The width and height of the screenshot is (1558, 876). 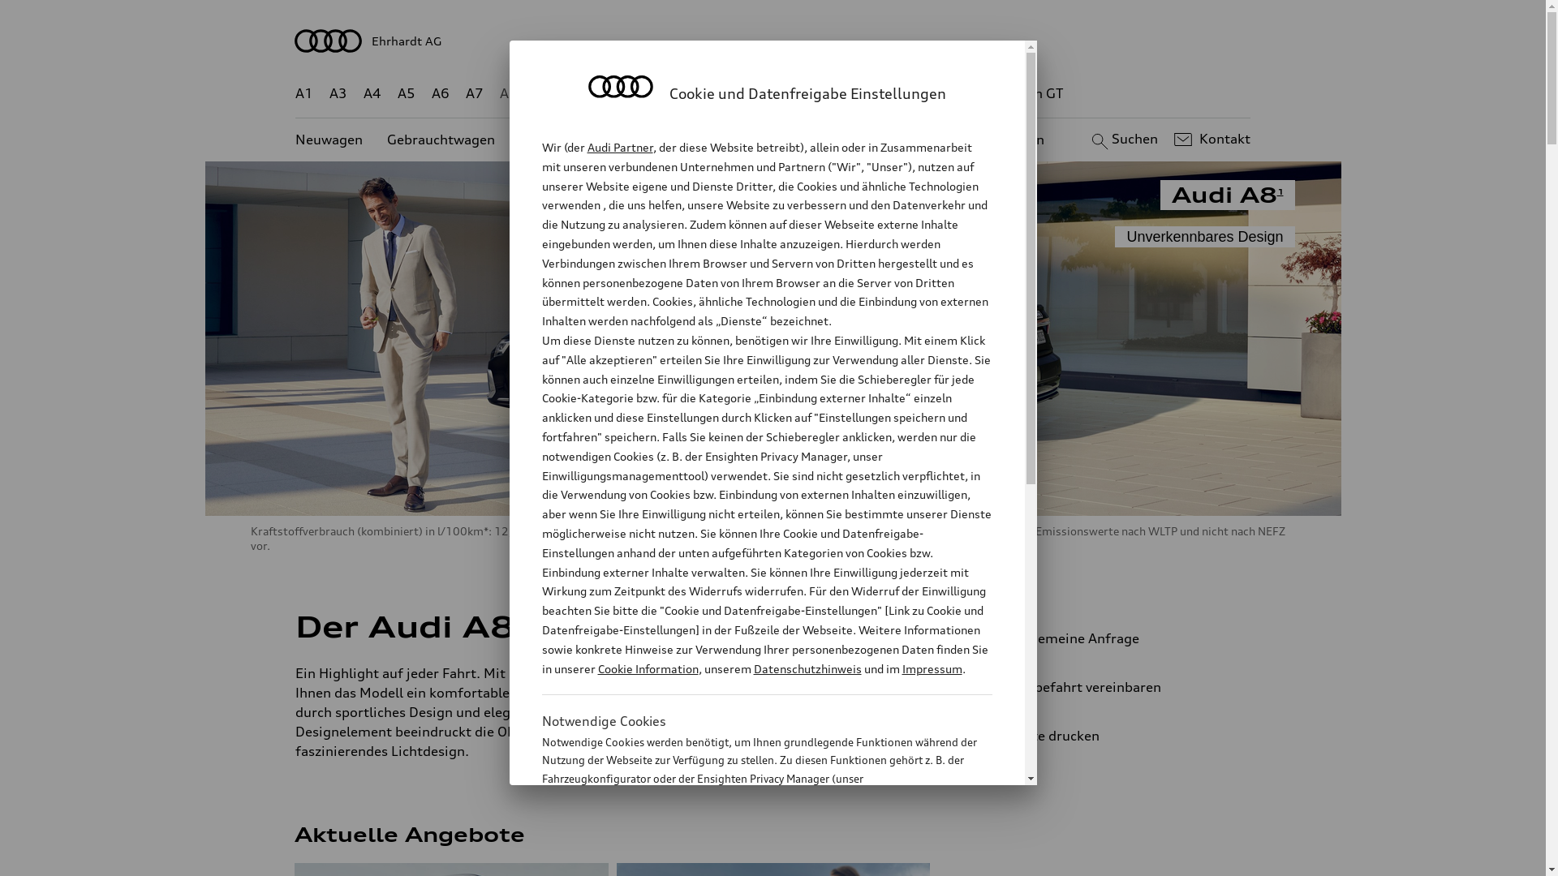 What do you see at coordinates (807, 668) in the screenshot?
I see `'Datenschutzhinweis'` at bounding box center [807, 668].